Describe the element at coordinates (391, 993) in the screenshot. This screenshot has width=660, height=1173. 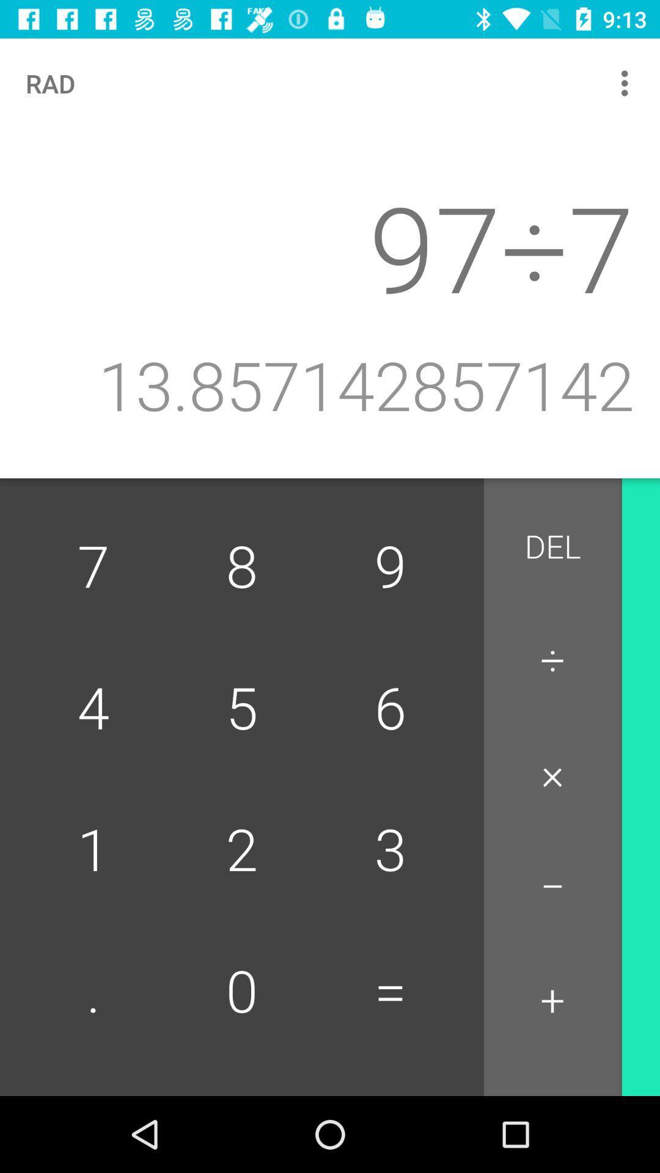
I see `the button to the right of 2 item` at that location.